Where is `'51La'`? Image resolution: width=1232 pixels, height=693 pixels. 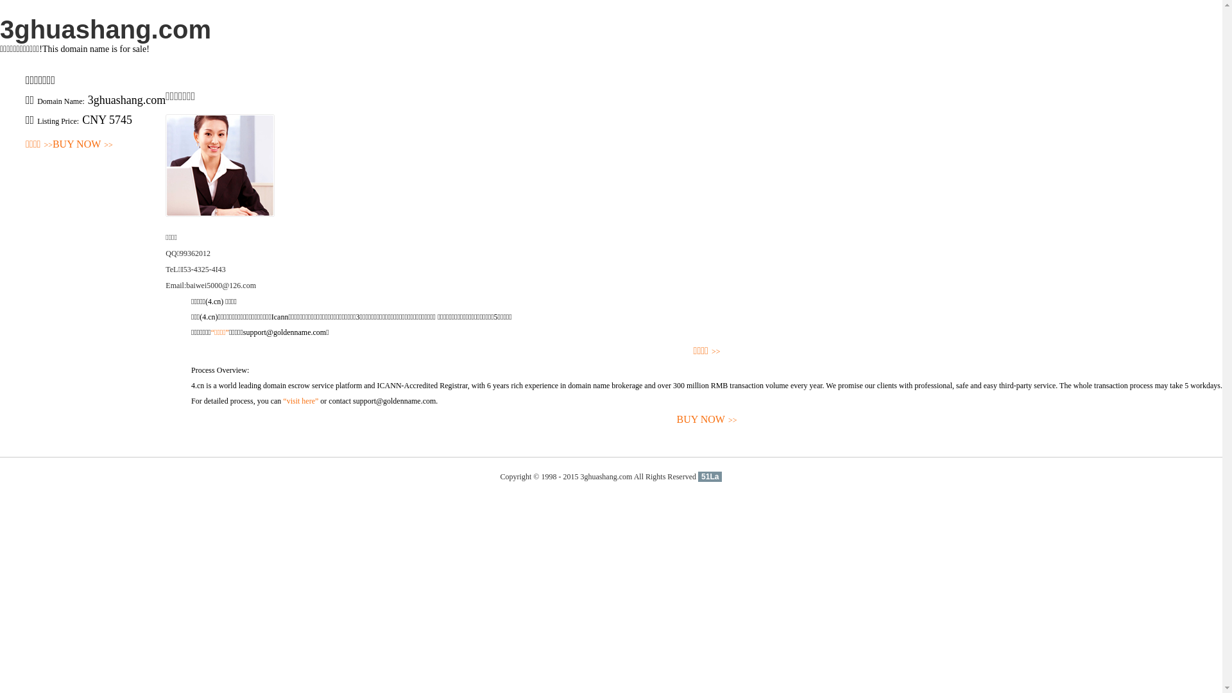
'51La' is located at coordinates (709, 477).